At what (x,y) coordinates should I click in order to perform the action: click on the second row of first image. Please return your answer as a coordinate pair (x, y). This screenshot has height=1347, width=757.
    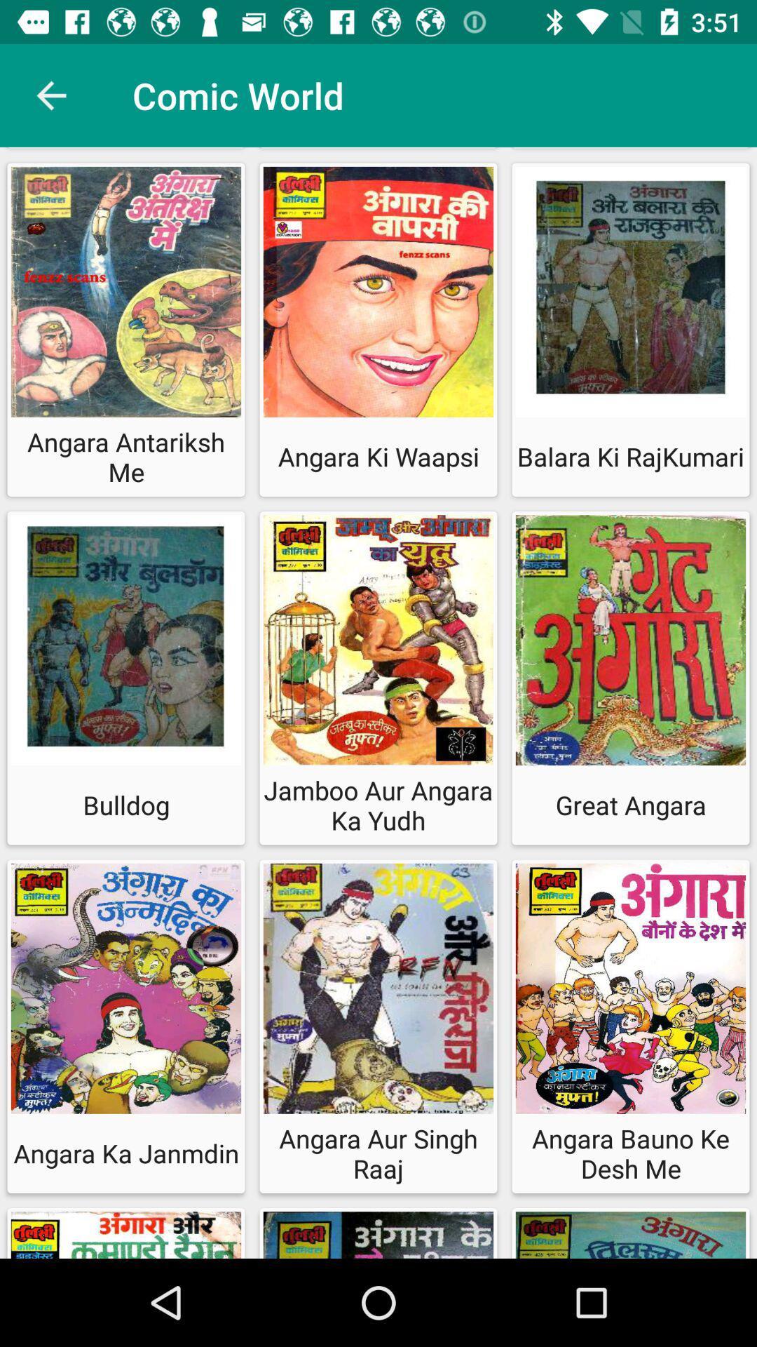
    Looking at the image, I should click on (126, 643).